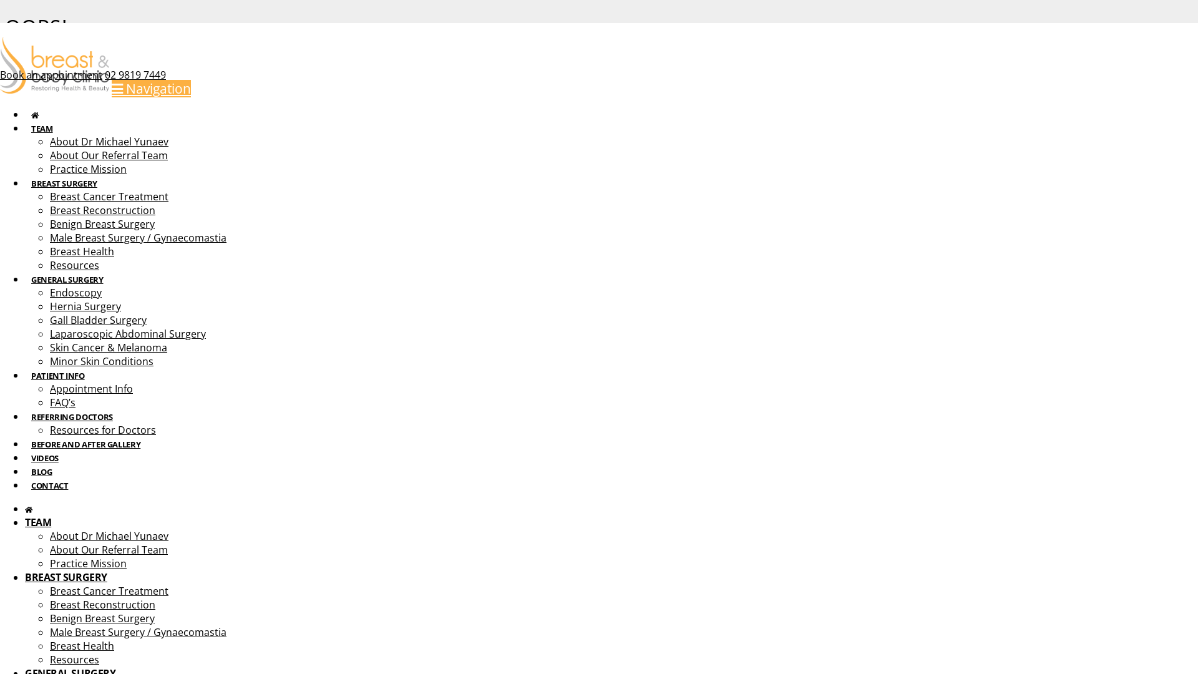 This screenshot has height=674, width=1198. Describe the element at coordinates (108, 347) in the screenshot. I see `'Skin Cancer & Melanoma'` at that location.